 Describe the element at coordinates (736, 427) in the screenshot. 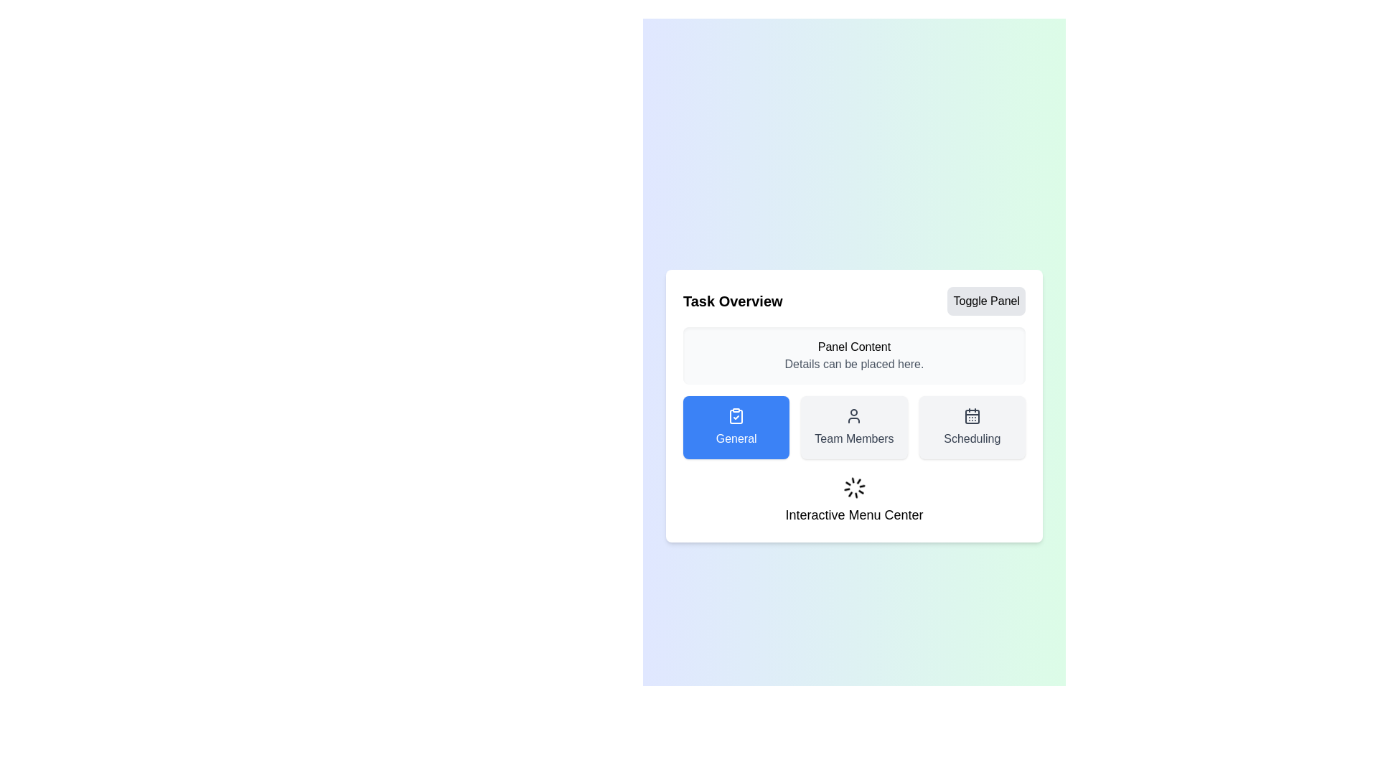

I see `the General button to select the corresponding task category` at that location.